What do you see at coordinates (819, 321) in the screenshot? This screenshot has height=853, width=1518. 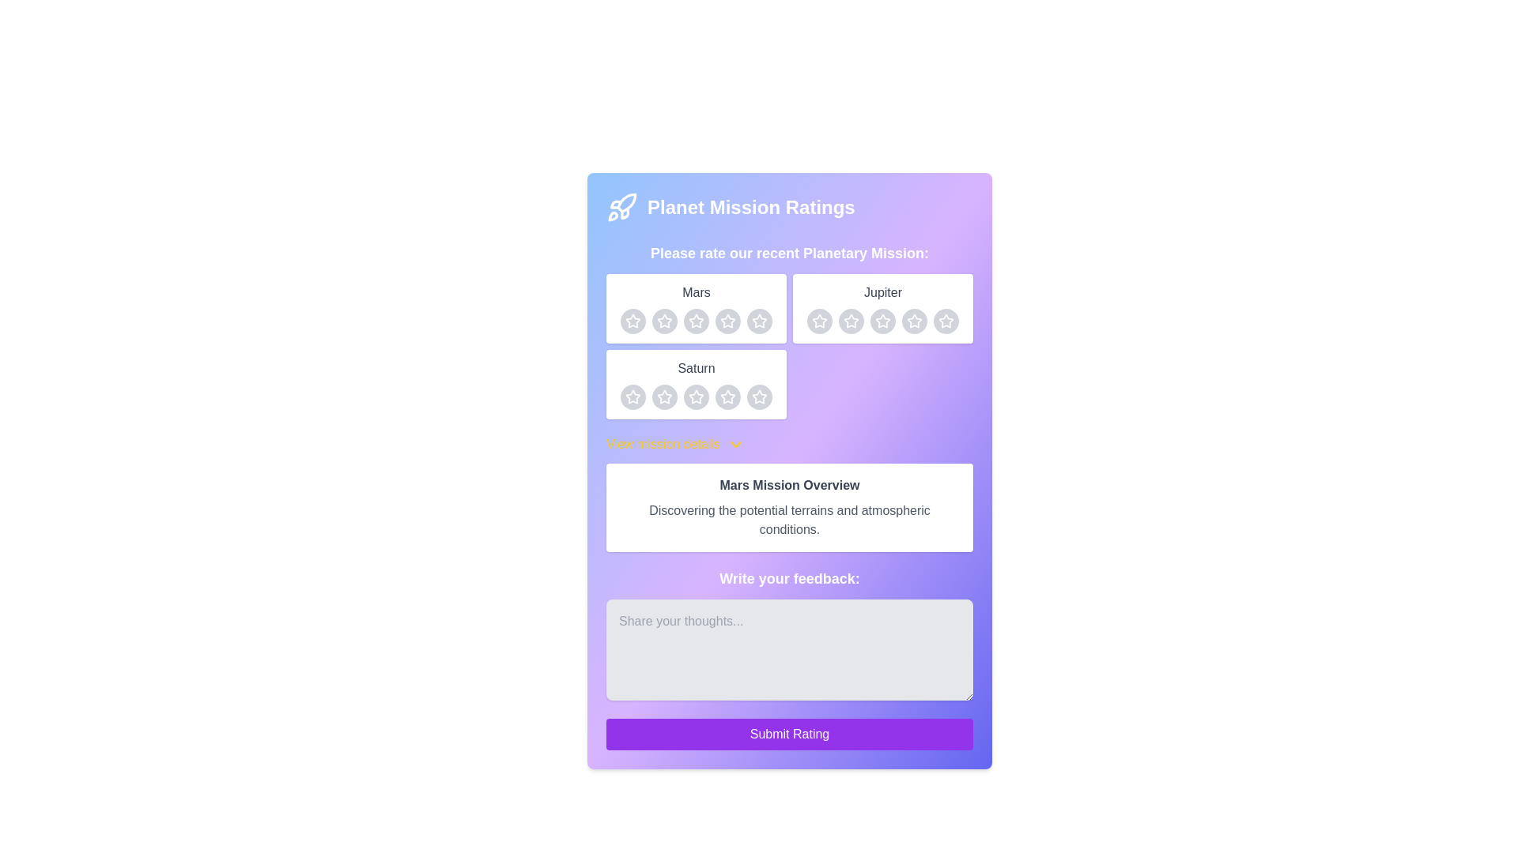 I see `the third star icon in the rating row for the 'Jupiter' mission` at bounding box center [819, 321].